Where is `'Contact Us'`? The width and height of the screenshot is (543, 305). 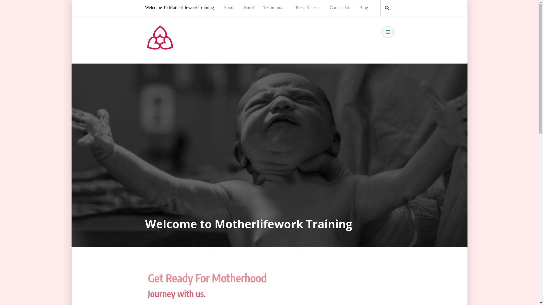 'Contact Us' is located at coordinates (339, 8).